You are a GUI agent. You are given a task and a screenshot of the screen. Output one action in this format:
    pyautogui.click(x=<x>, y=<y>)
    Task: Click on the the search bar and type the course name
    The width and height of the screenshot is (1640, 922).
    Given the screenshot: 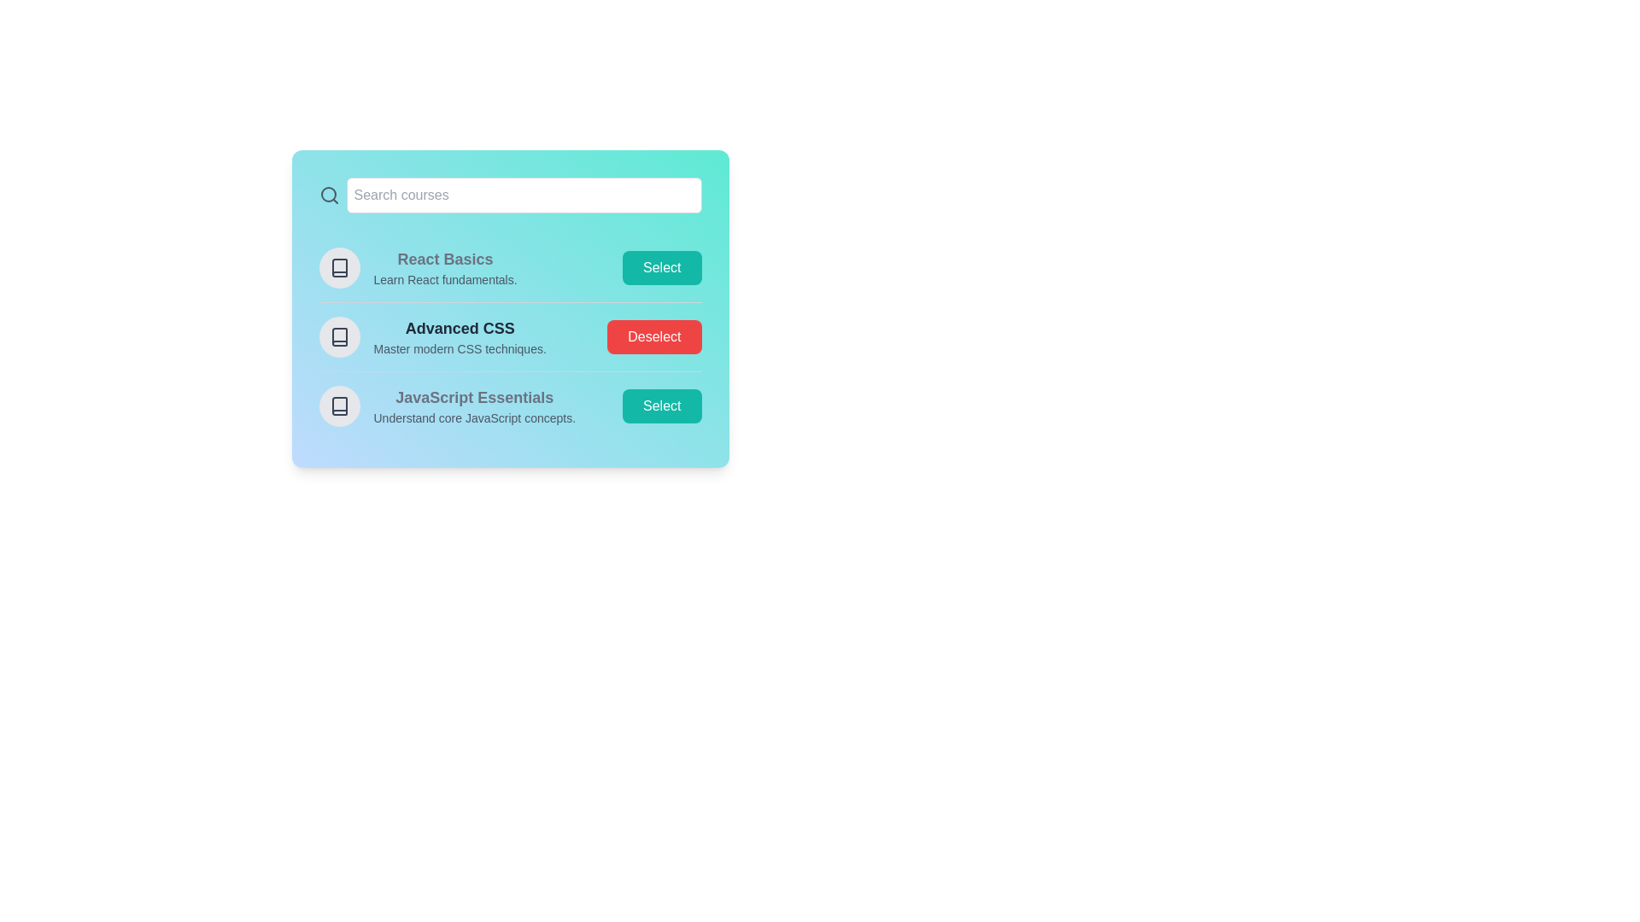 What is the action you would take?
    pyautogui.click(x=523, y=194)
    